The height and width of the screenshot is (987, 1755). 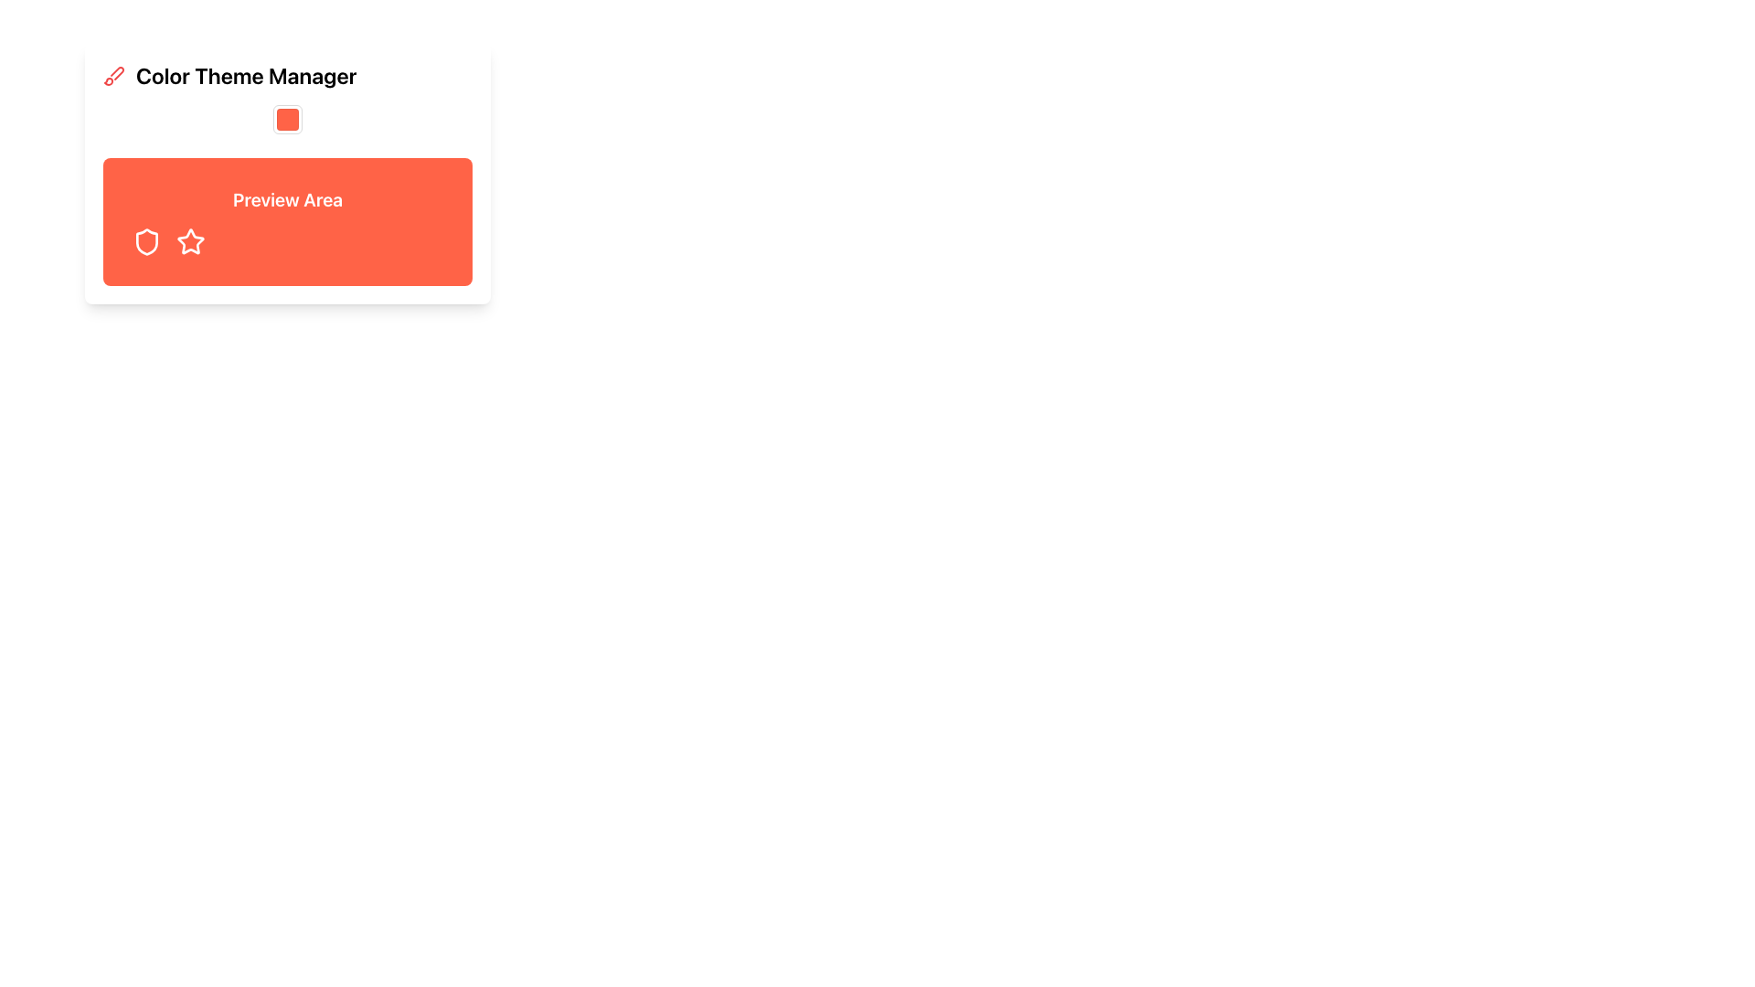 What do you see at coordinates (191, 241) in the screenshot?
I see `the star-shaped icon with a white outline and orange fill, located below the 'Preview Area' text, to interact with it` at bounding box center [191, 241].